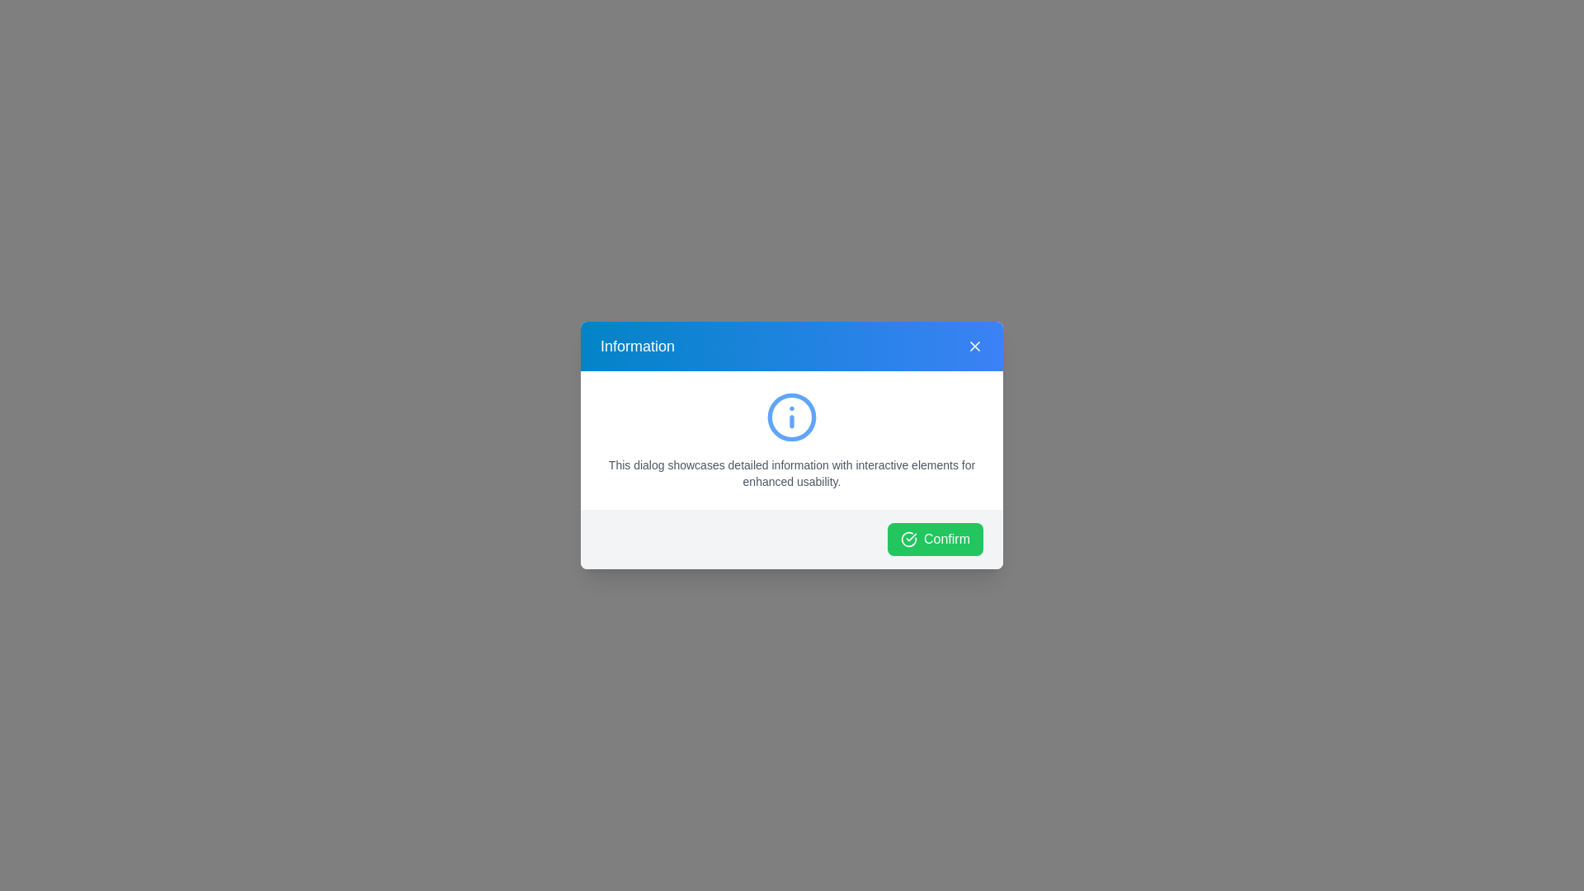 The width and height of the screenshot is (1584, 891). What do you see at coordinates (974, 346) in the screenshot?
I see `the SVG line element representing a close button located in the top-right corner of the dialog box to initiate the close action` at bounding box center [974, 346].